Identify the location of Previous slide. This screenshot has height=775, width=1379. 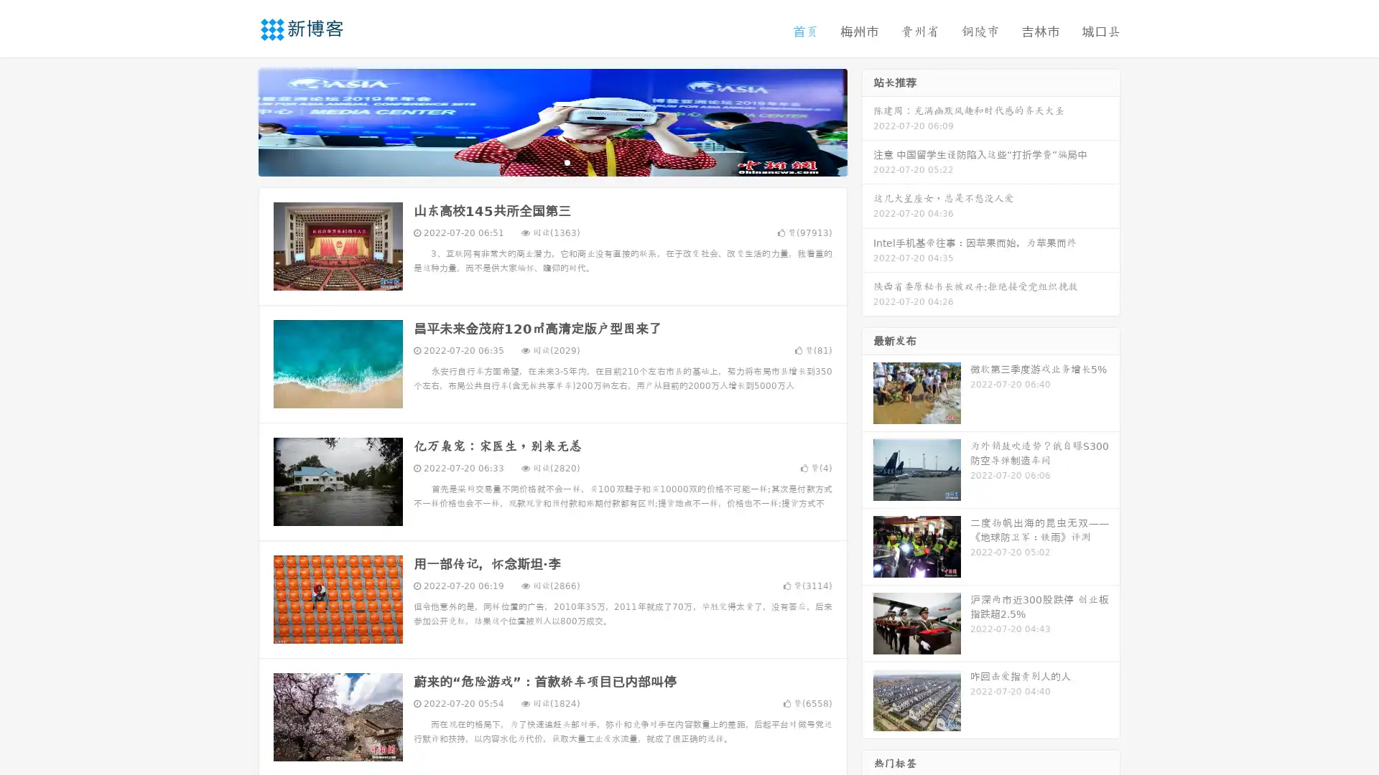
(237, 121).